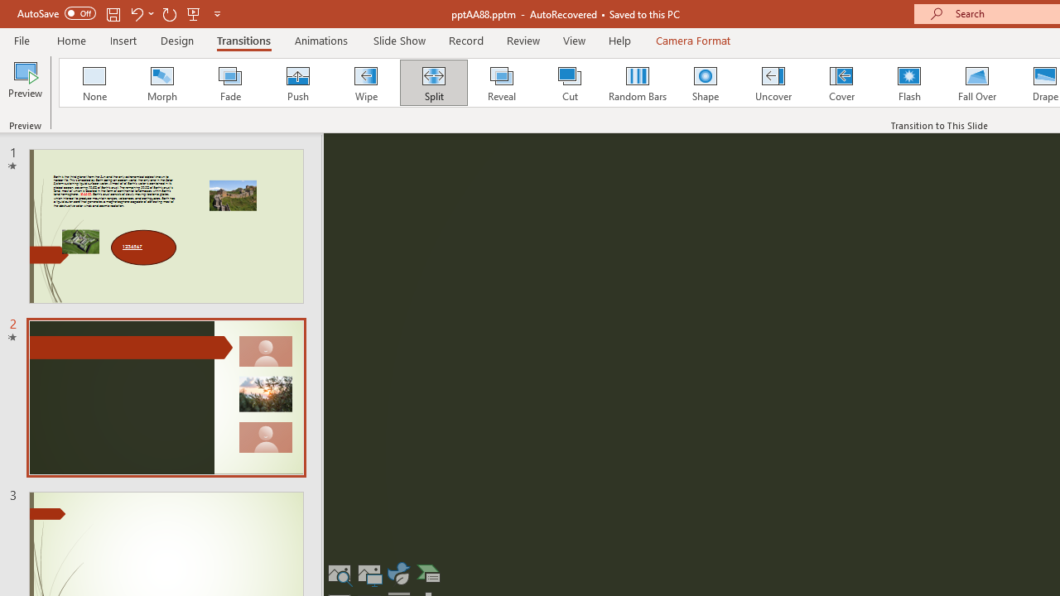 The height and width of the screenshot is (596, 1060). I want to click on 'Flash', so click(908, 83).